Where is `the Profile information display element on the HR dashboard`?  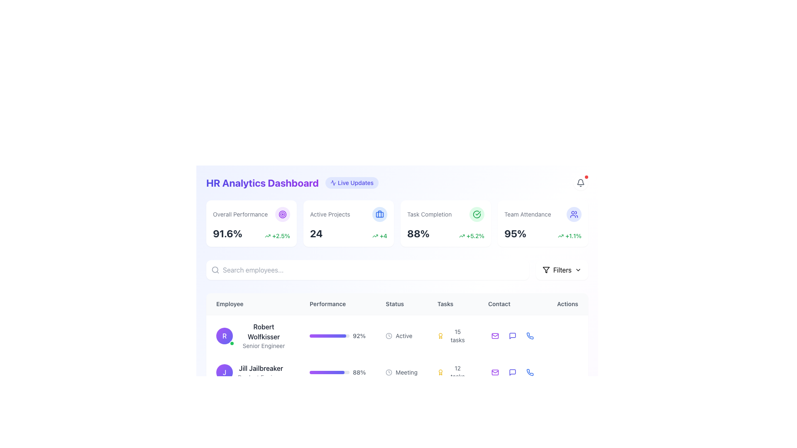 the Profile information display element on the HR dashboard is located at coordinates (252, 336).